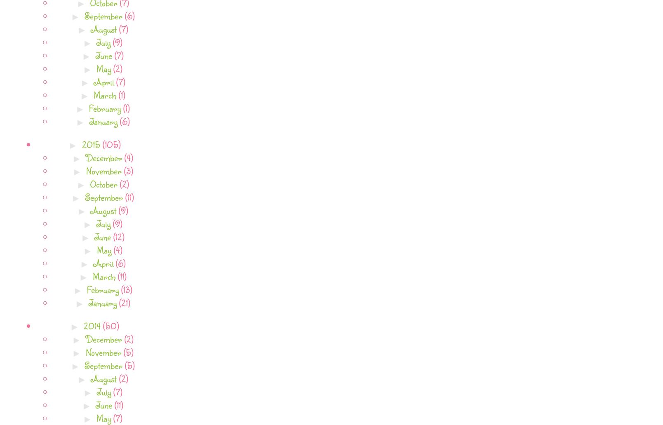 Image resolution: width=663 pixels, height=425 pixels. Describe the element at coordinates (110, 143) in the screenshot. I see `'(105)'` at that location.